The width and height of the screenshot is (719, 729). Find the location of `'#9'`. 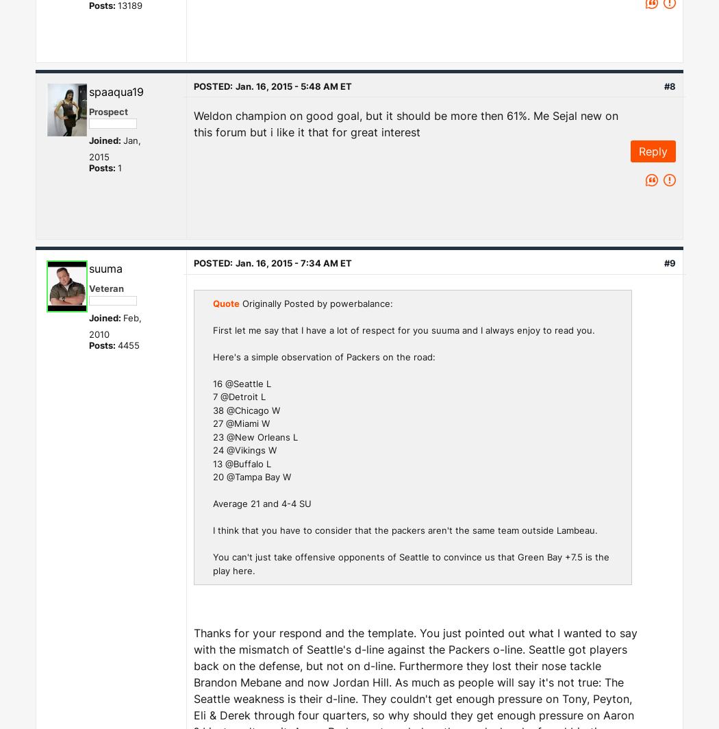

'#9' is located at coordinates (670, 262).